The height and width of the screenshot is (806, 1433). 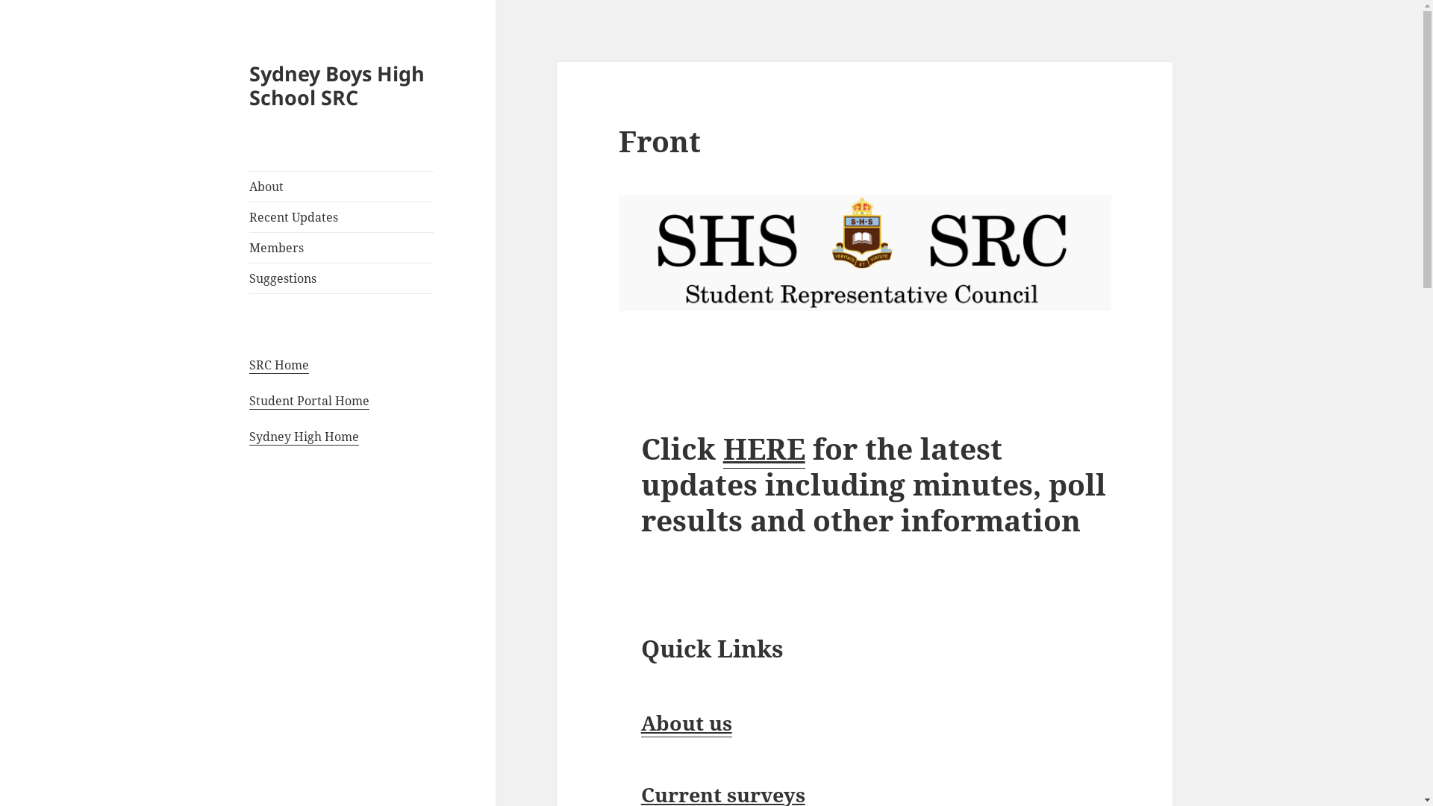 I want to click on 'SRC Home', so click(x=279, y=365).